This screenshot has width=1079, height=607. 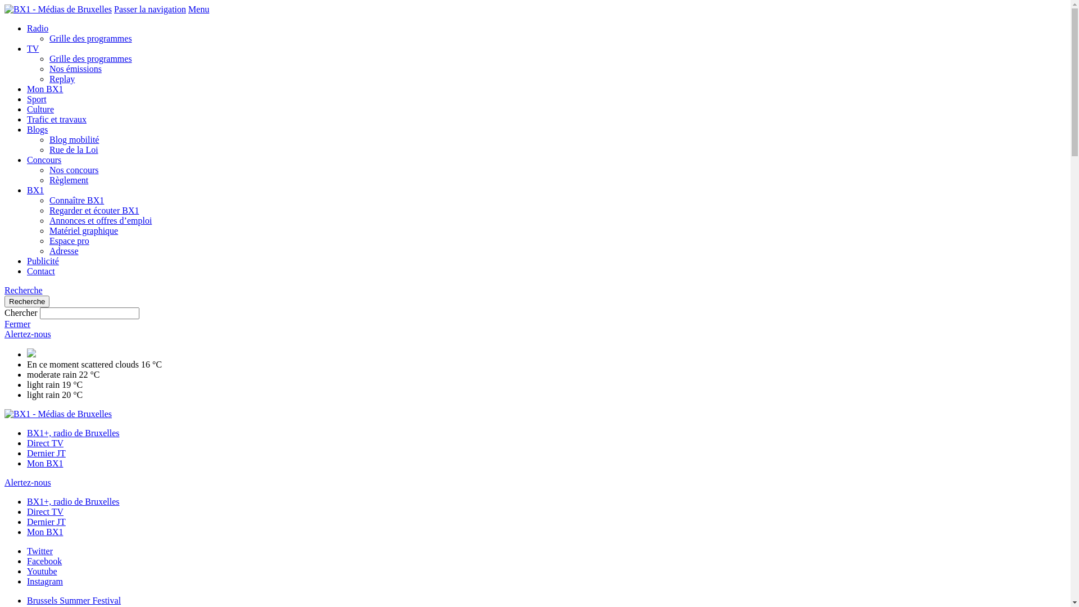 What do you see at coordinates (27, 119) in the screenshot?
I see `'Trafic et travaux'` at bounding box center [27, 119].